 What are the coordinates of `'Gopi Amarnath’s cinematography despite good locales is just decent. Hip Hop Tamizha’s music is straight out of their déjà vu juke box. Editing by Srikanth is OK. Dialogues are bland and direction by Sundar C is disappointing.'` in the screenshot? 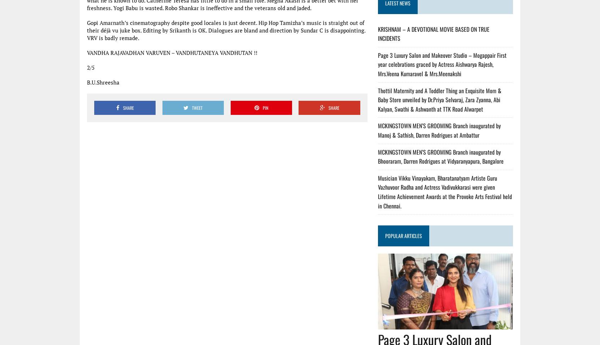 It's located at (226, 26).